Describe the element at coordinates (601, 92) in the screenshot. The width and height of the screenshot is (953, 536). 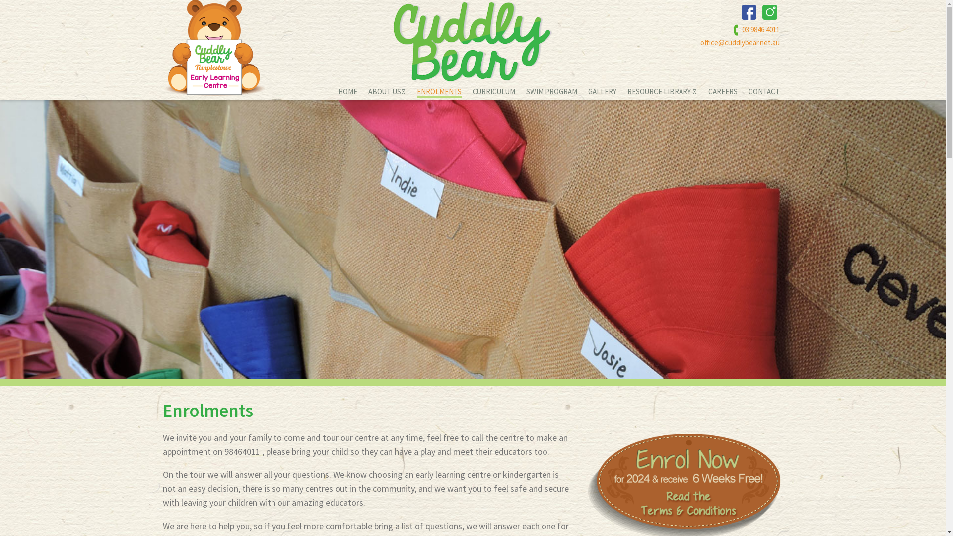
I see `'GALLERY'` at that location.